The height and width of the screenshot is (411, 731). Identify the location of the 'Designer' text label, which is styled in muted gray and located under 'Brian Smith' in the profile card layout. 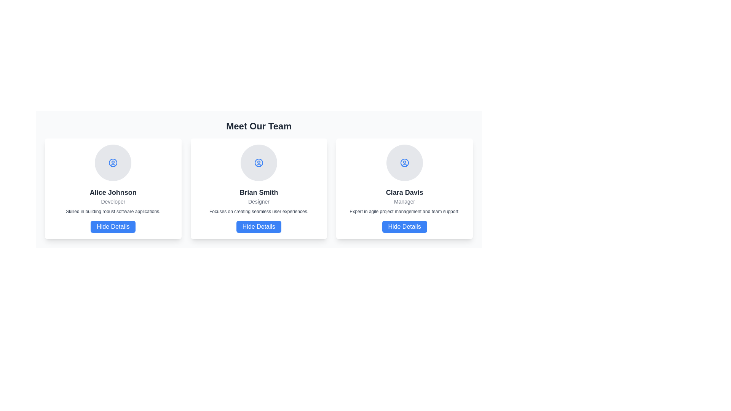
(259, 201).